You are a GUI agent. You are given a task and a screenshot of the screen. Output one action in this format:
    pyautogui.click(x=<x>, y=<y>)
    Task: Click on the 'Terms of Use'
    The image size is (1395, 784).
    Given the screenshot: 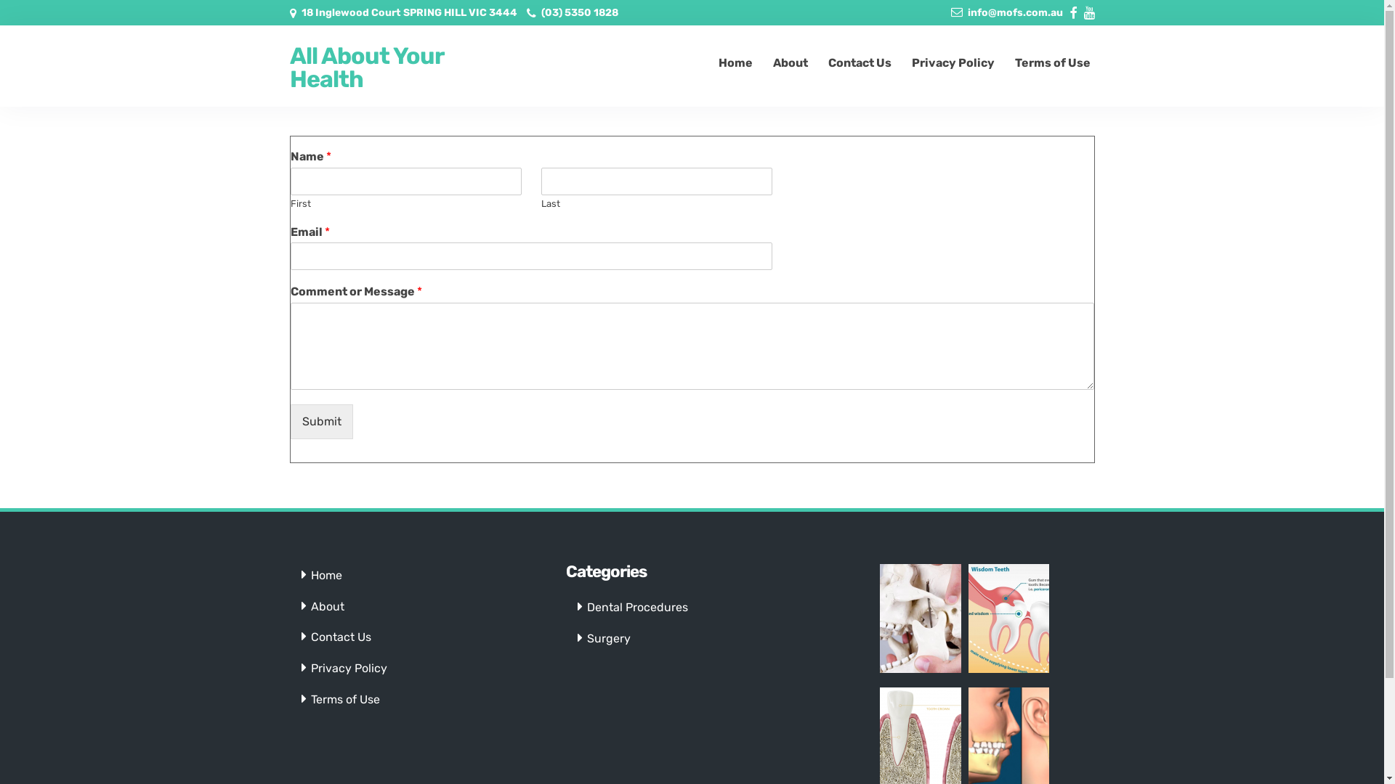 What is the action you would take?
    pyautogui.click(x=1052, y=62)
    